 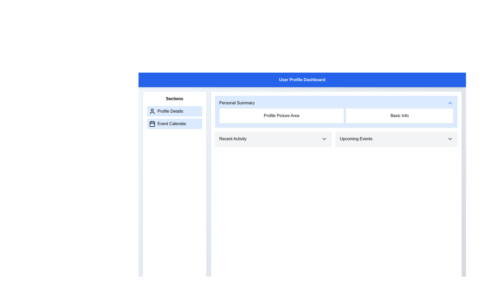 I want to click on the chevron icon located at the far right of the 'Recent Activity' section, so click(x=324, y=138).